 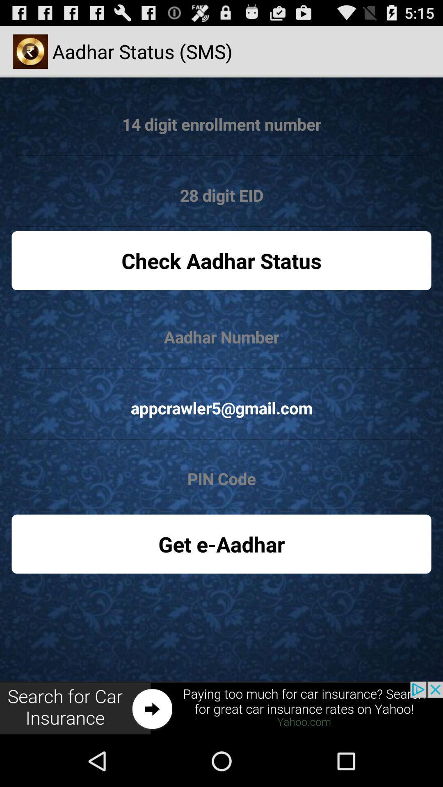 What do you see at coordinates (221, 708) in the screenshot?
I see `advertisement` at bounding box center [221, 708].